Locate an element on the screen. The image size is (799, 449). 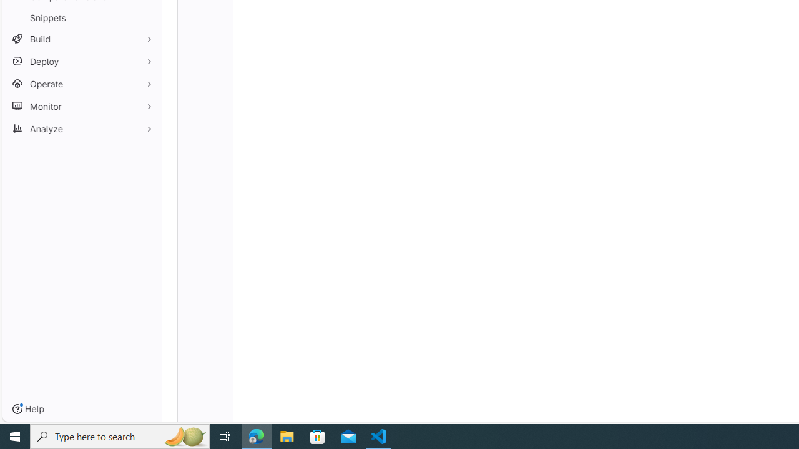
'Analyze' is located at coordinates (81, 128).